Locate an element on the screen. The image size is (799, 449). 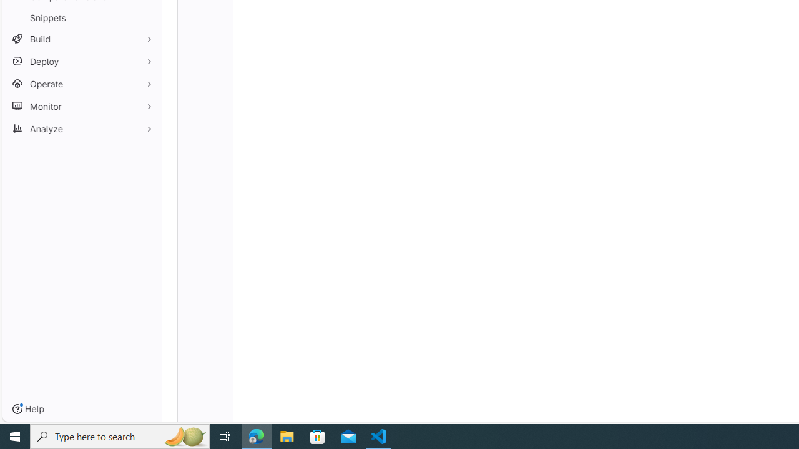
'Analyze' is located at coordinates (81, 128).